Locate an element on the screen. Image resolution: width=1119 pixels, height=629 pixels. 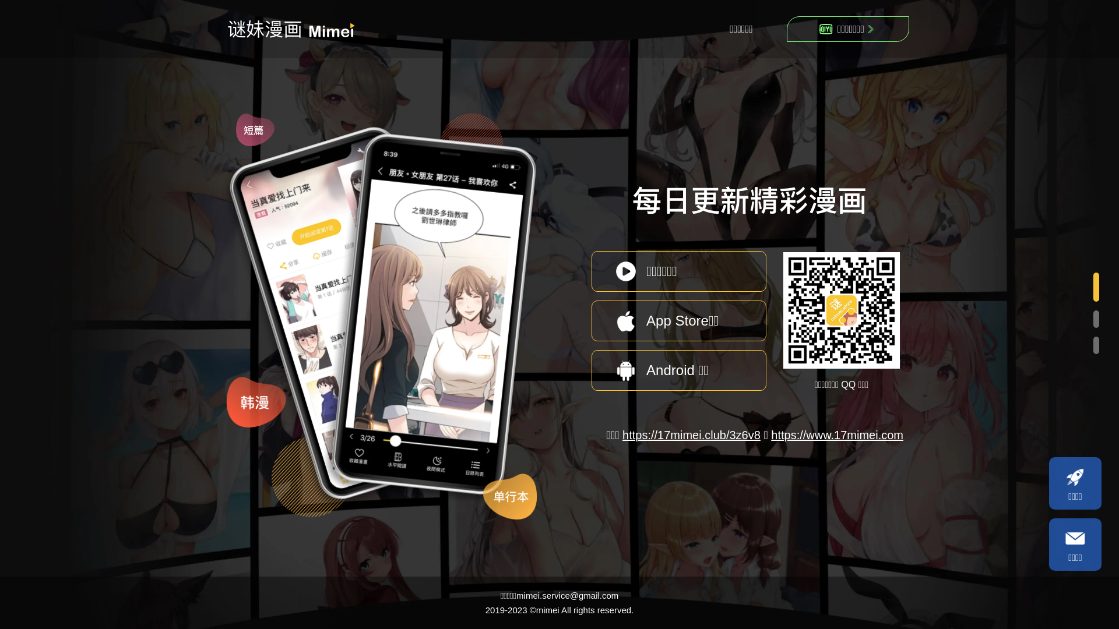
'https://www.17mimei.com' is located at coordinates (836, 435).